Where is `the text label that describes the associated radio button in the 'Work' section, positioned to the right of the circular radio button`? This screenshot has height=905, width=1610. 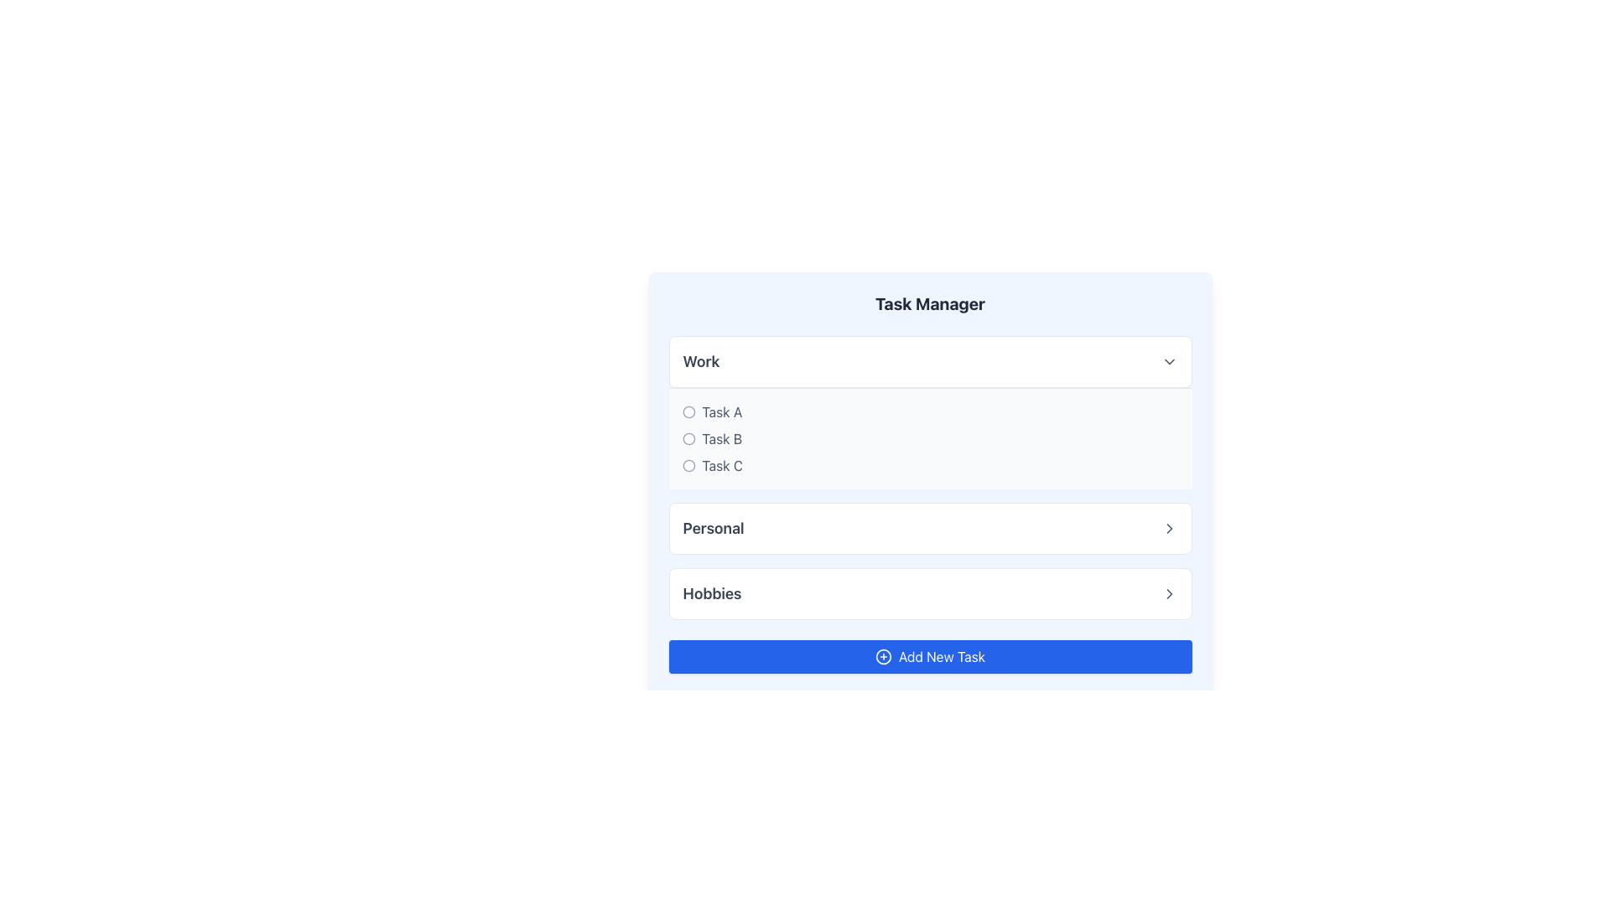 the text label that describes the associated radio button in the 'Work' section, positioned to the right of the circular radio button is located at coordinates (722, 412).